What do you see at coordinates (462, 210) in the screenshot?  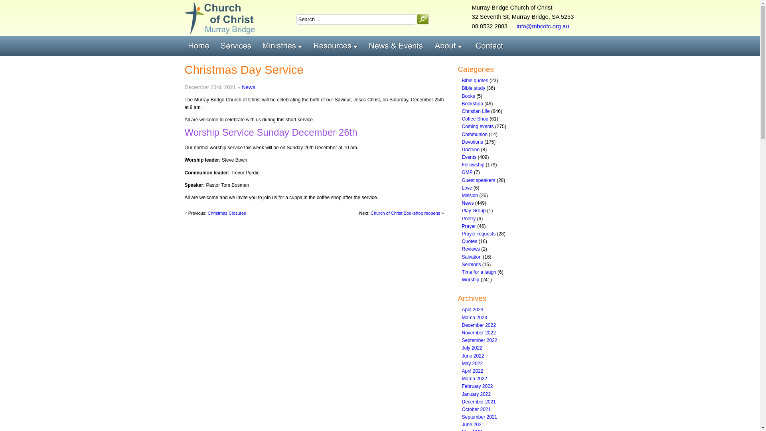 I see `'Play Group'` at bounding box center [462, 210].